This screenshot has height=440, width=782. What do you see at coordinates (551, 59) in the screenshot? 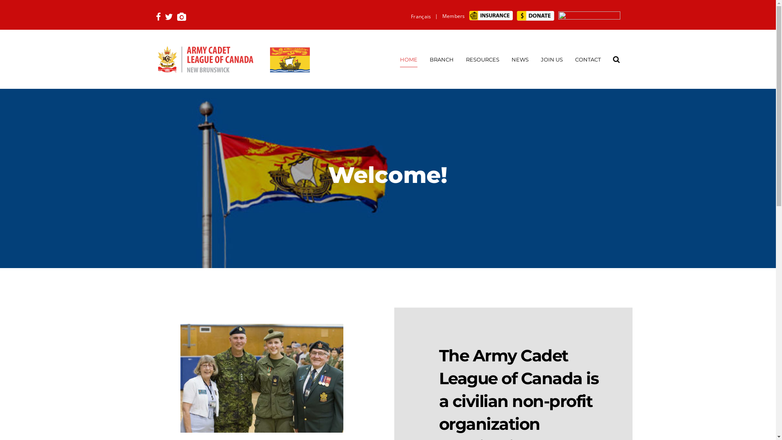
I see `'JOIN US'` at bounding box center [551, 59].